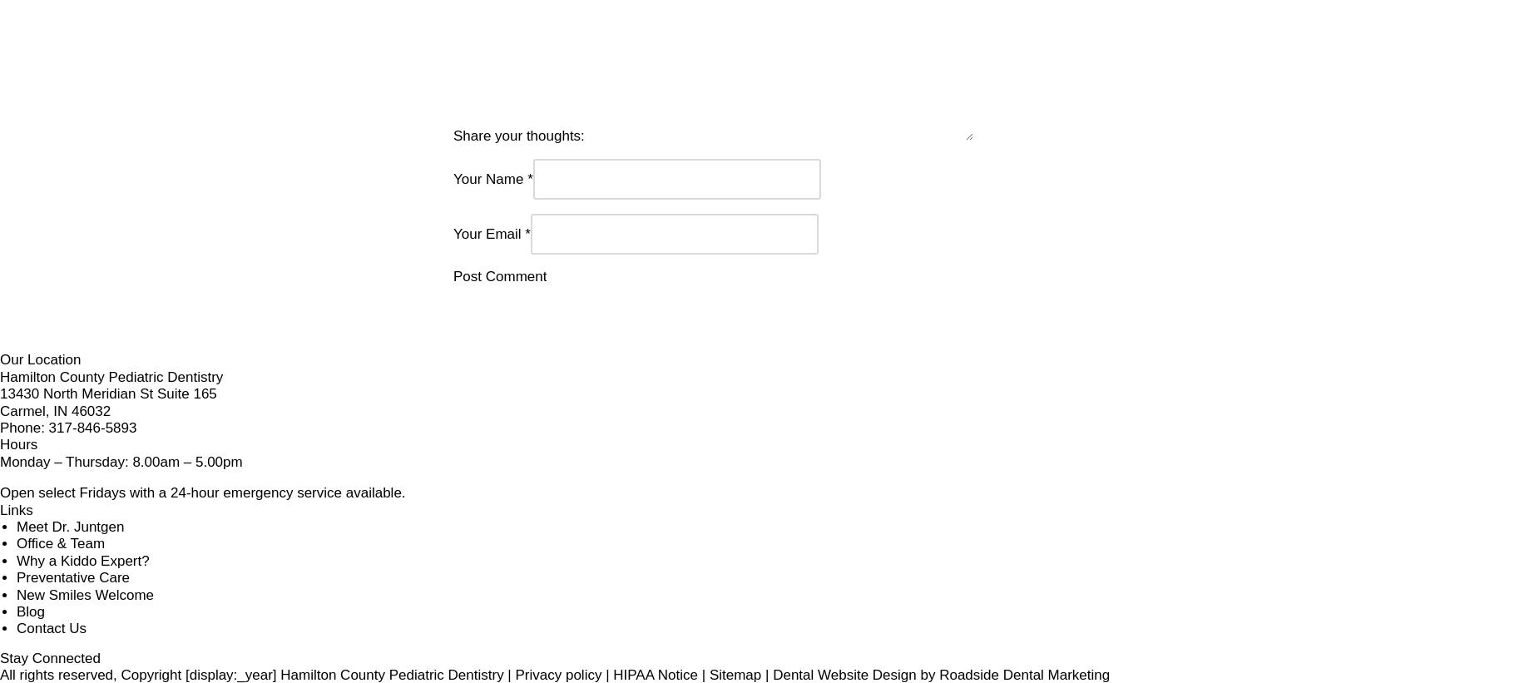 Image resolution: width=1539 pixels, height=683 pixels. What do you see at coordinates (843, 529) in the screenshot?
I see `'Office & Team'` at bounding box center [843, 529].